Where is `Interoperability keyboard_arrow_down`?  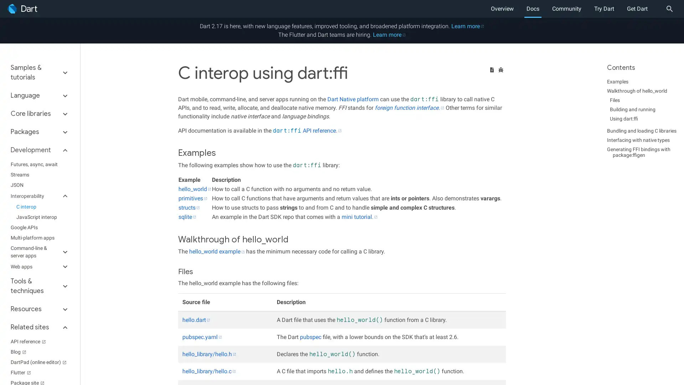
Interoperability keyboard_arrow_down is located at coordinates (40, 196).